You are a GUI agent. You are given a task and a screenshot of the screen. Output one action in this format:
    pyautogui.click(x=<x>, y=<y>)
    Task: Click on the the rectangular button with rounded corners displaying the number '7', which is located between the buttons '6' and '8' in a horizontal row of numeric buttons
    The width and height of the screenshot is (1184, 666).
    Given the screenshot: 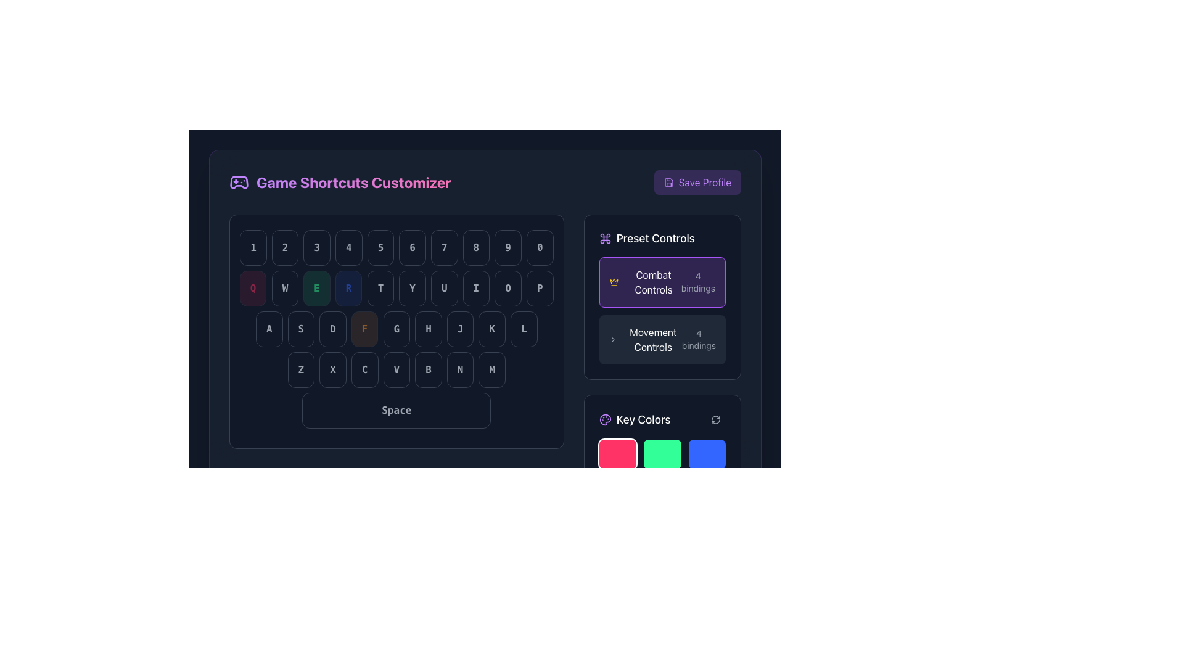 What is the action you would take?
    pyautogui.click(x=444, y=247)
    